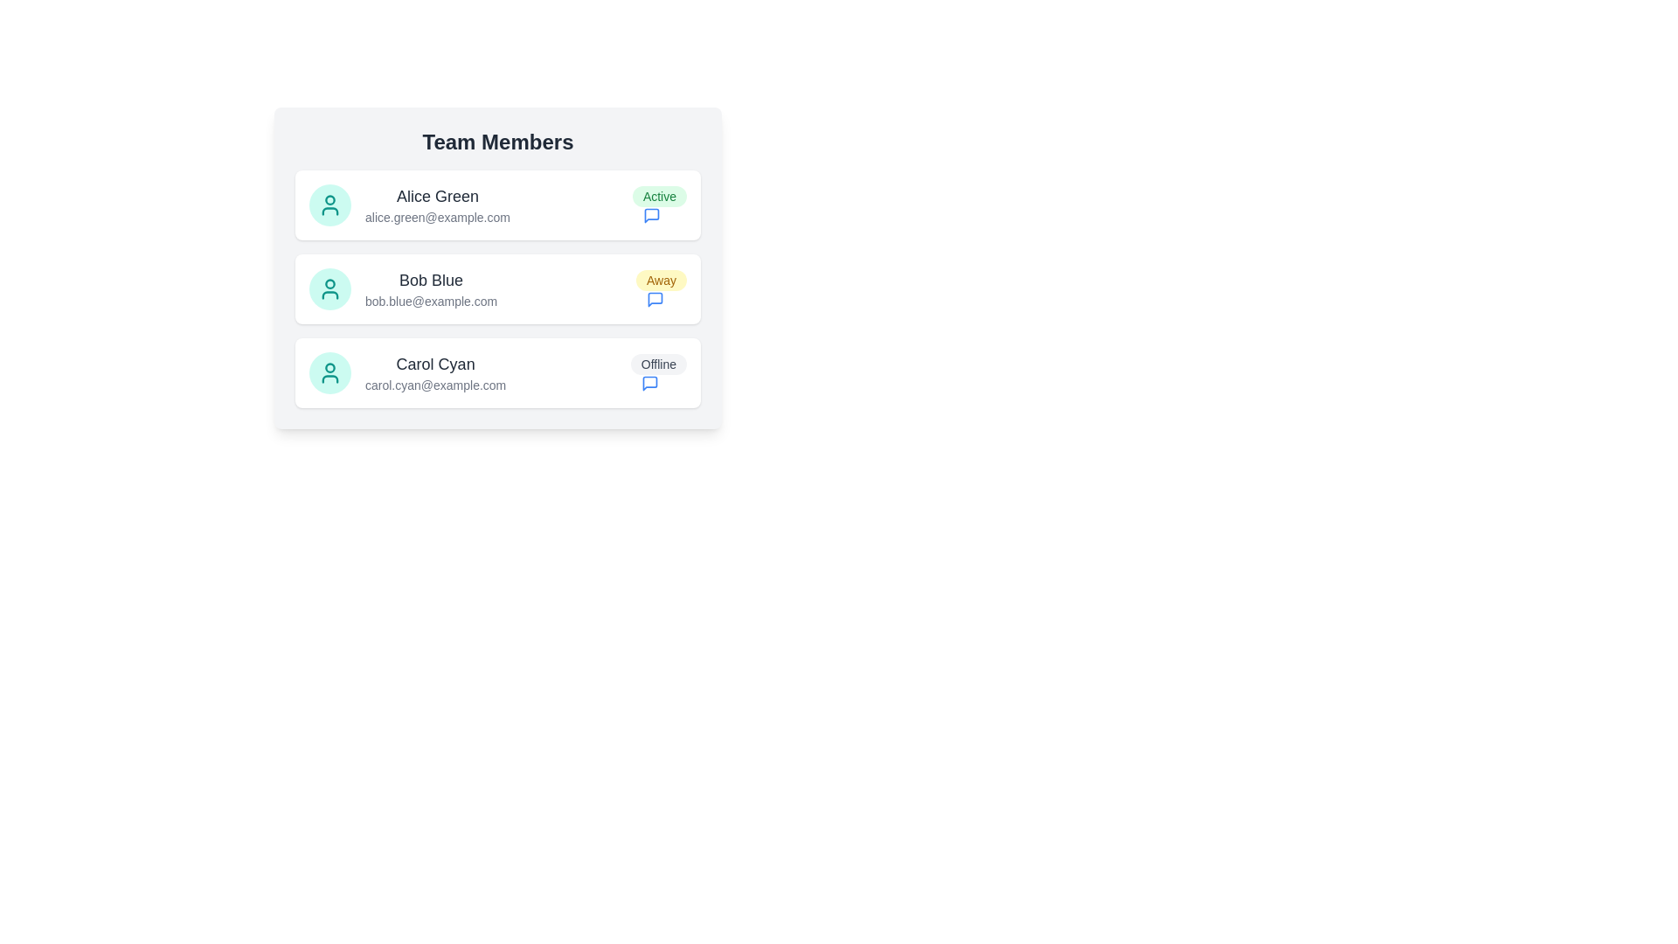  I want to click on the status label displaying 'Offline', which is located within the third item of the 'Team Members' list, adjacent to 'Carol Cyan' and her email, with a speech bubble icon to its right, so click(657, 363).